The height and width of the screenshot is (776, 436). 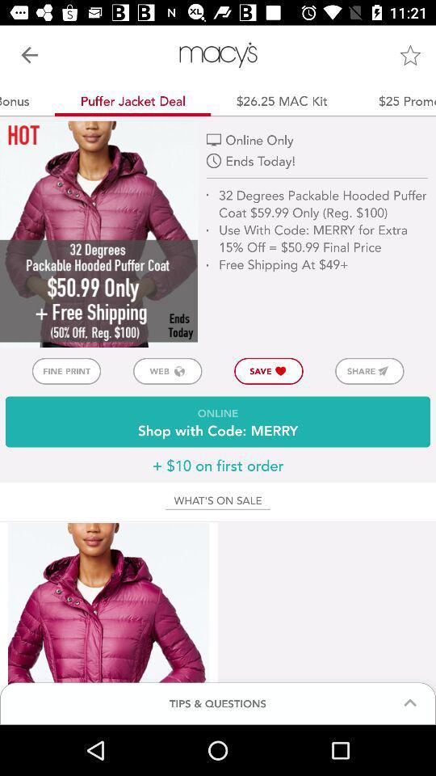 I want to click on icon below fine print icon, so click(x=218, y=421).